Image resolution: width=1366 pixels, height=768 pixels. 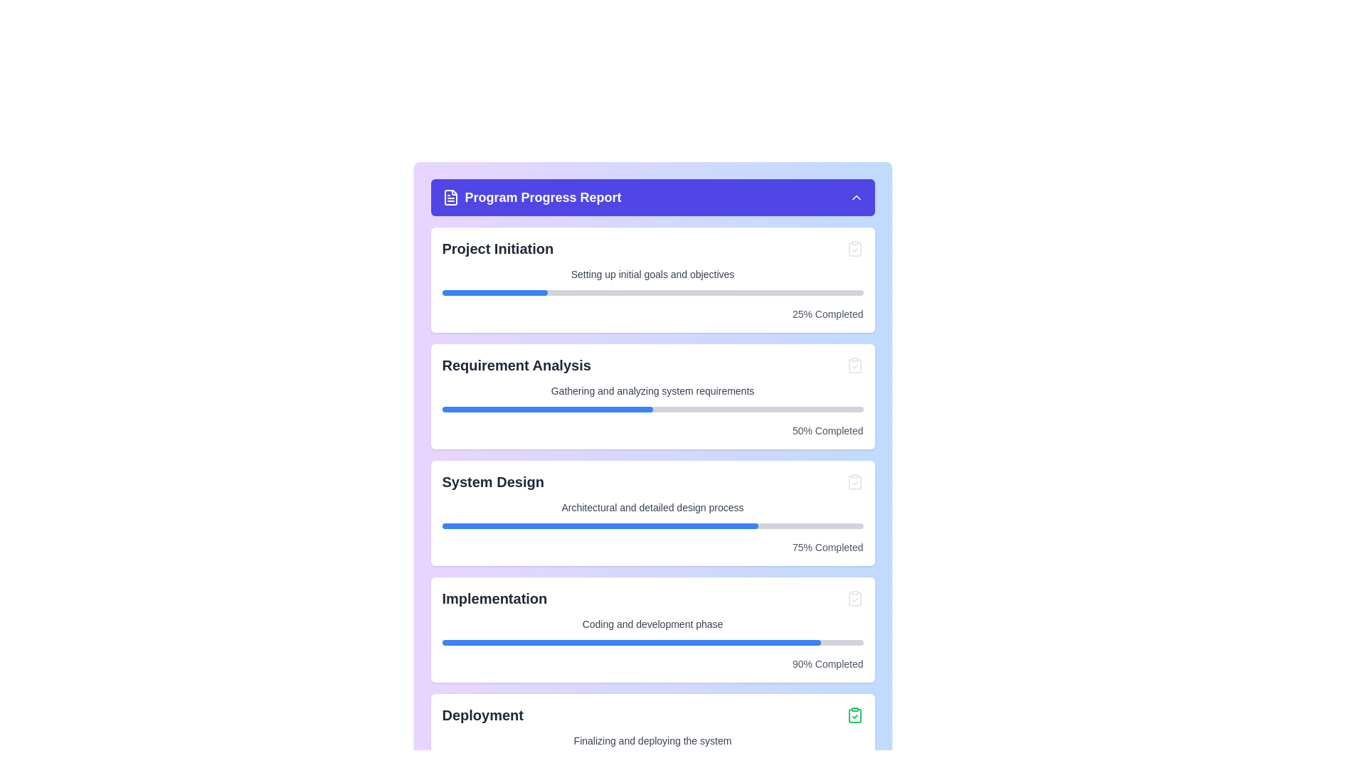 What do you see at coordinates (652, 274) in the screenshot?
I see `the text label element displaying 'Setting up initial goals and objectives', which is located within a white card below the header 'Project Initiation'` at bounding box center [652, 274].